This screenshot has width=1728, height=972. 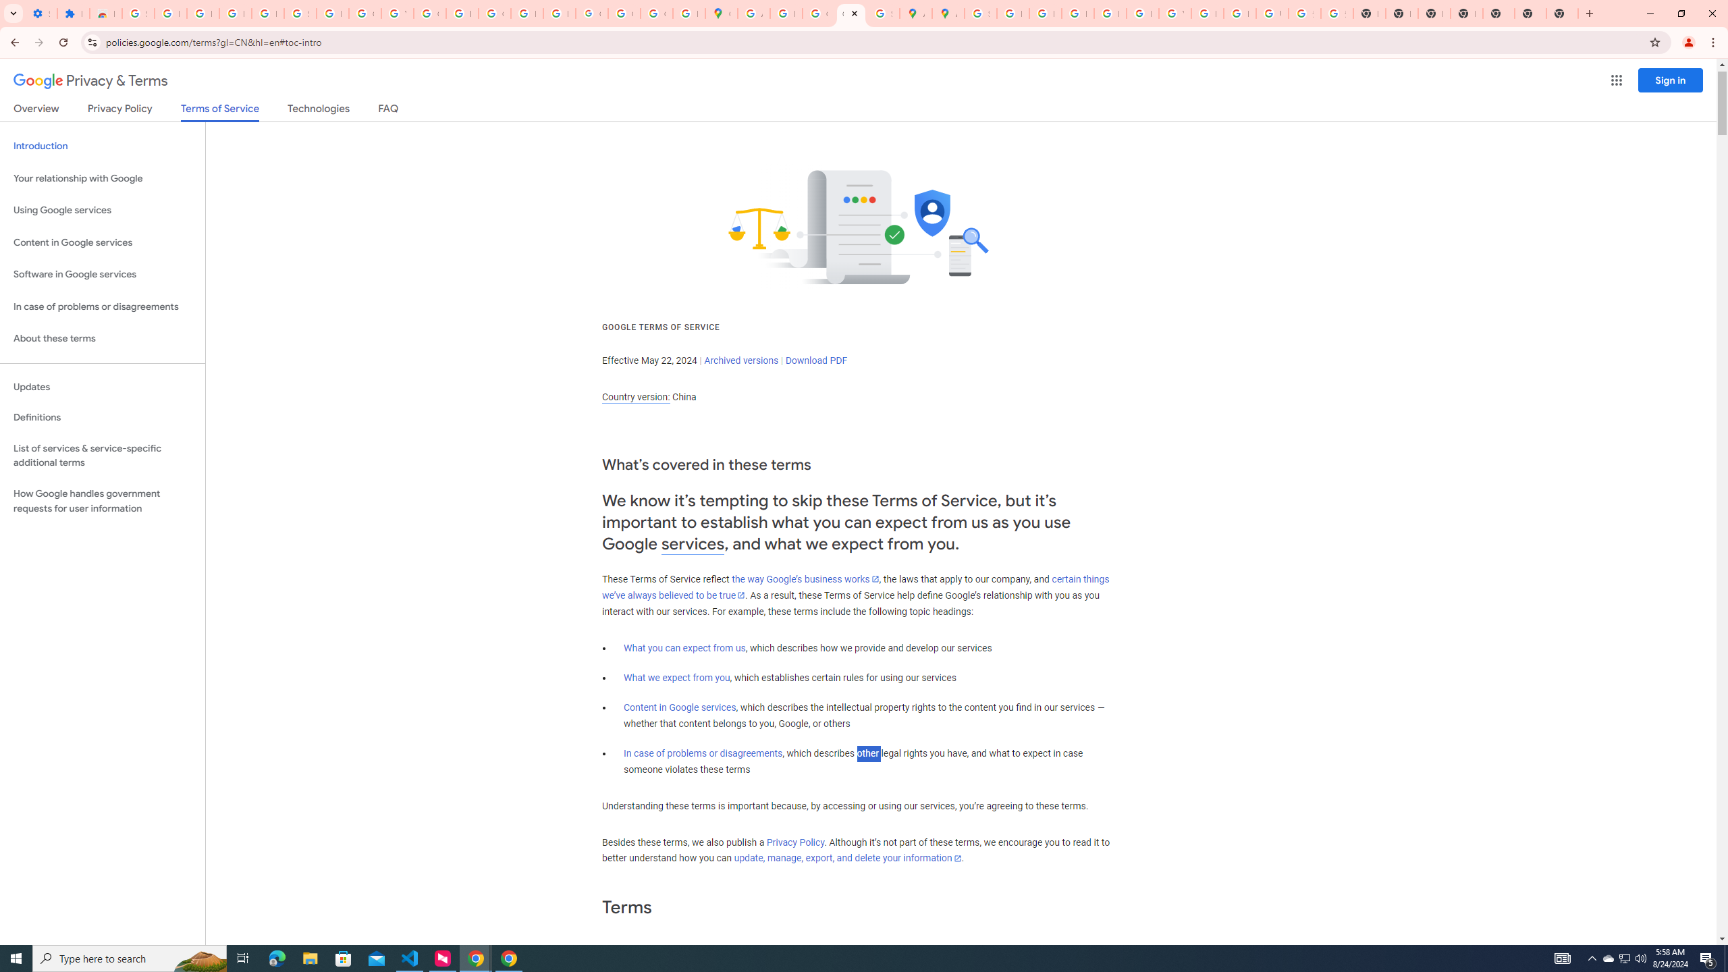 What do you see at coordinates (102, 501) in the screenshot?
I see `'How Google handles government requests for user information'` at bounding box center [102, 501].